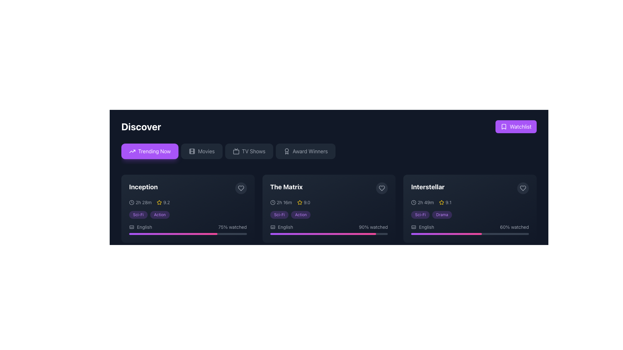  What do you see at coordinates (240, 188) in the screenshot?
I see `the stylized heart icon located in the upper-right corner of the card for the movie 'Inception'` at bounding box center [240, 188].